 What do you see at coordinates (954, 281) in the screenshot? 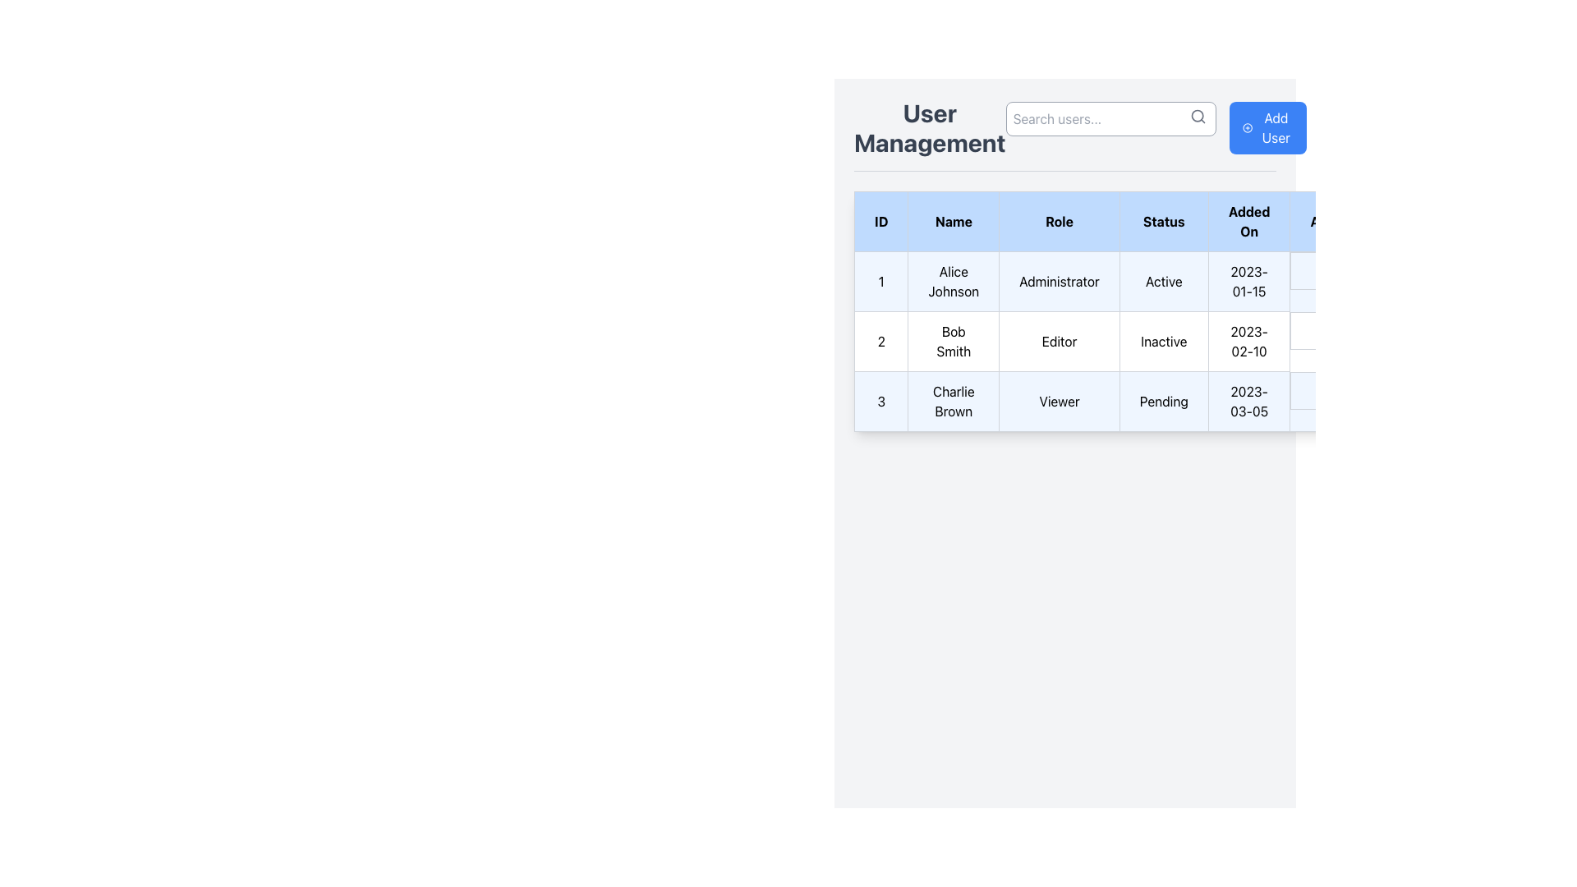
I see `the Text Display element that shows the user's name in the second column of the first row of the User Management table` at bounding box center [954, 281].